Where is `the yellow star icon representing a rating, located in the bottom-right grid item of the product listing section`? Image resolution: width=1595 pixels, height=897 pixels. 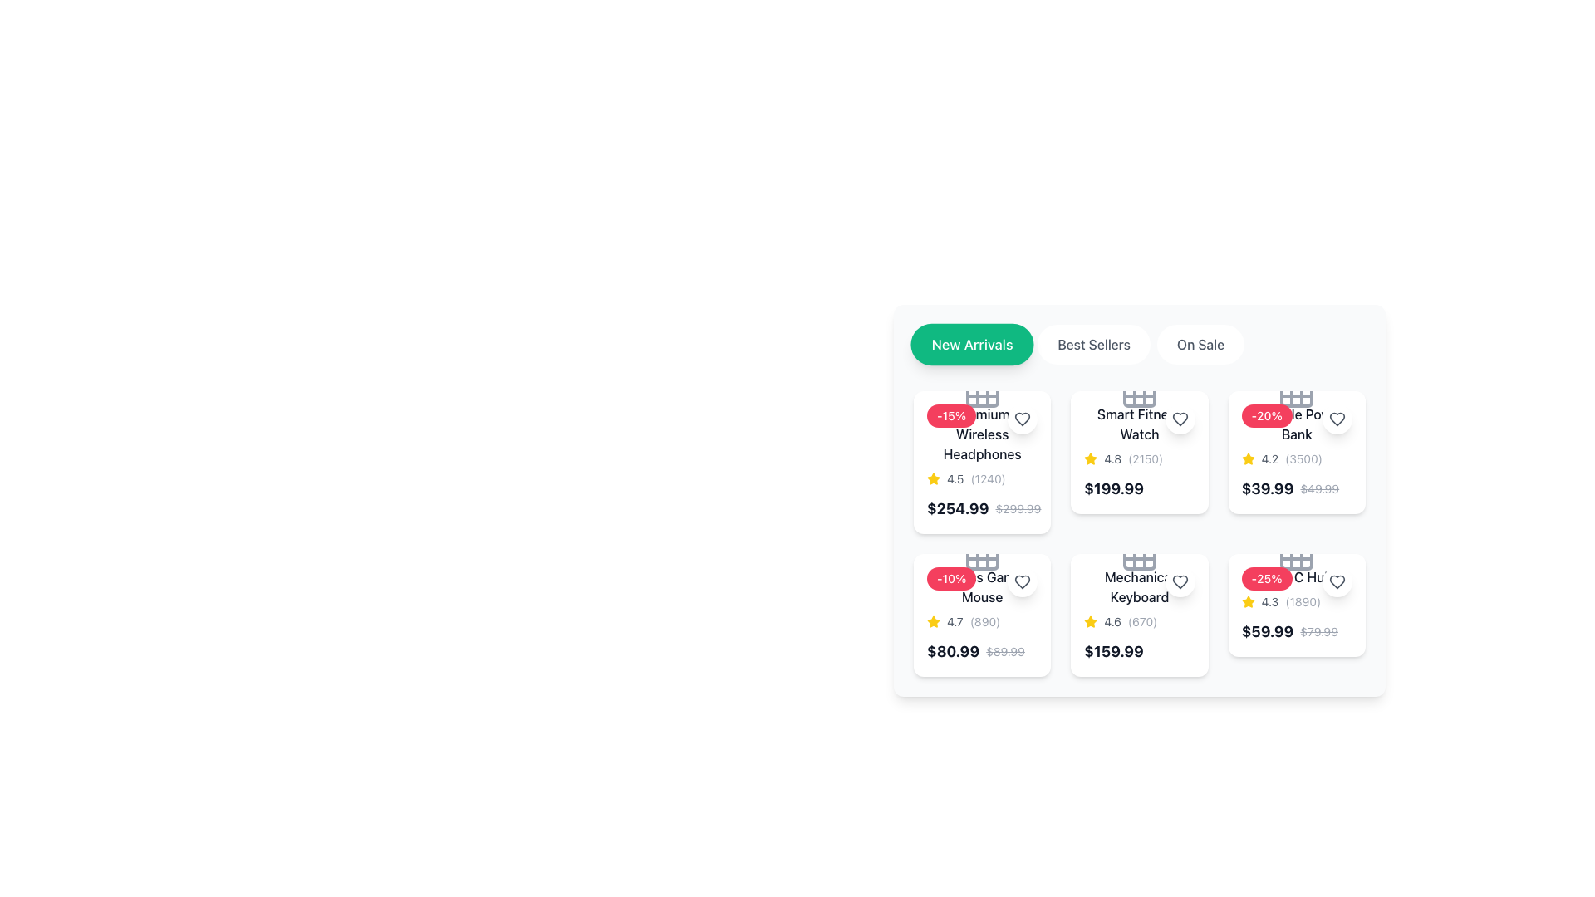
the yellow star icon representing a rating, located in the bottom-right grid item of the product listing section is located at coordinates (1248, 602).